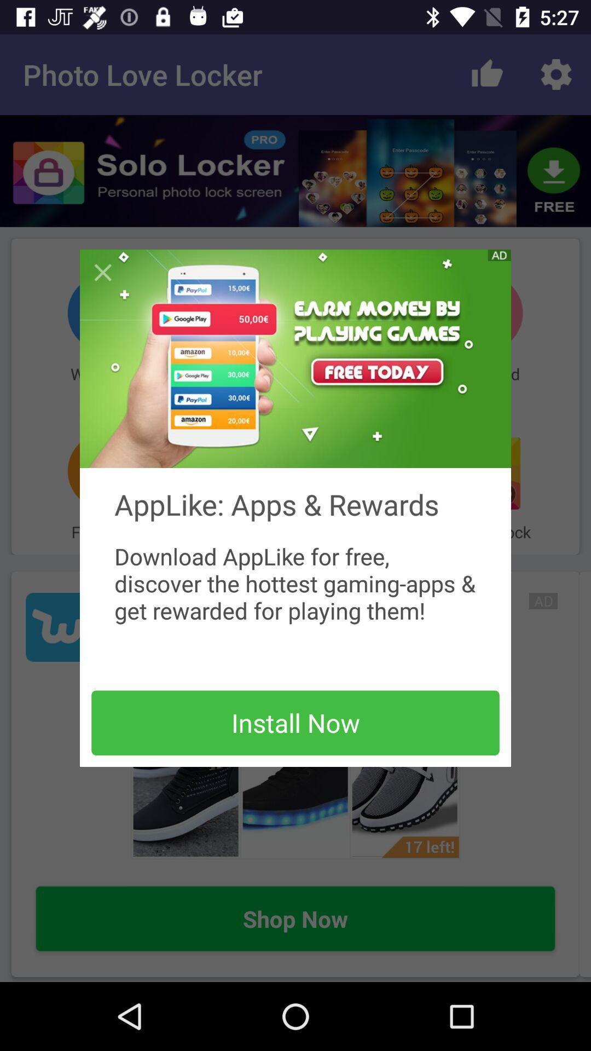  I want to click on he can activate the simple voice command, so click(103, 273).